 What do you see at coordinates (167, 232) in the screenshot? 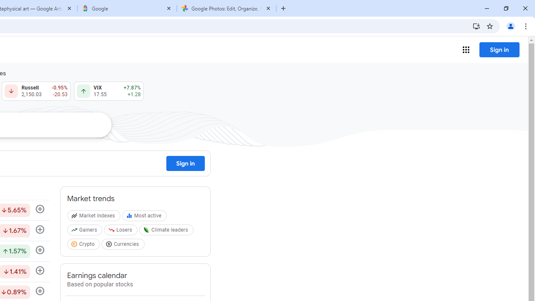
I see `'GLeaf logo Climate leaders'` at bounding box center [167, 232].